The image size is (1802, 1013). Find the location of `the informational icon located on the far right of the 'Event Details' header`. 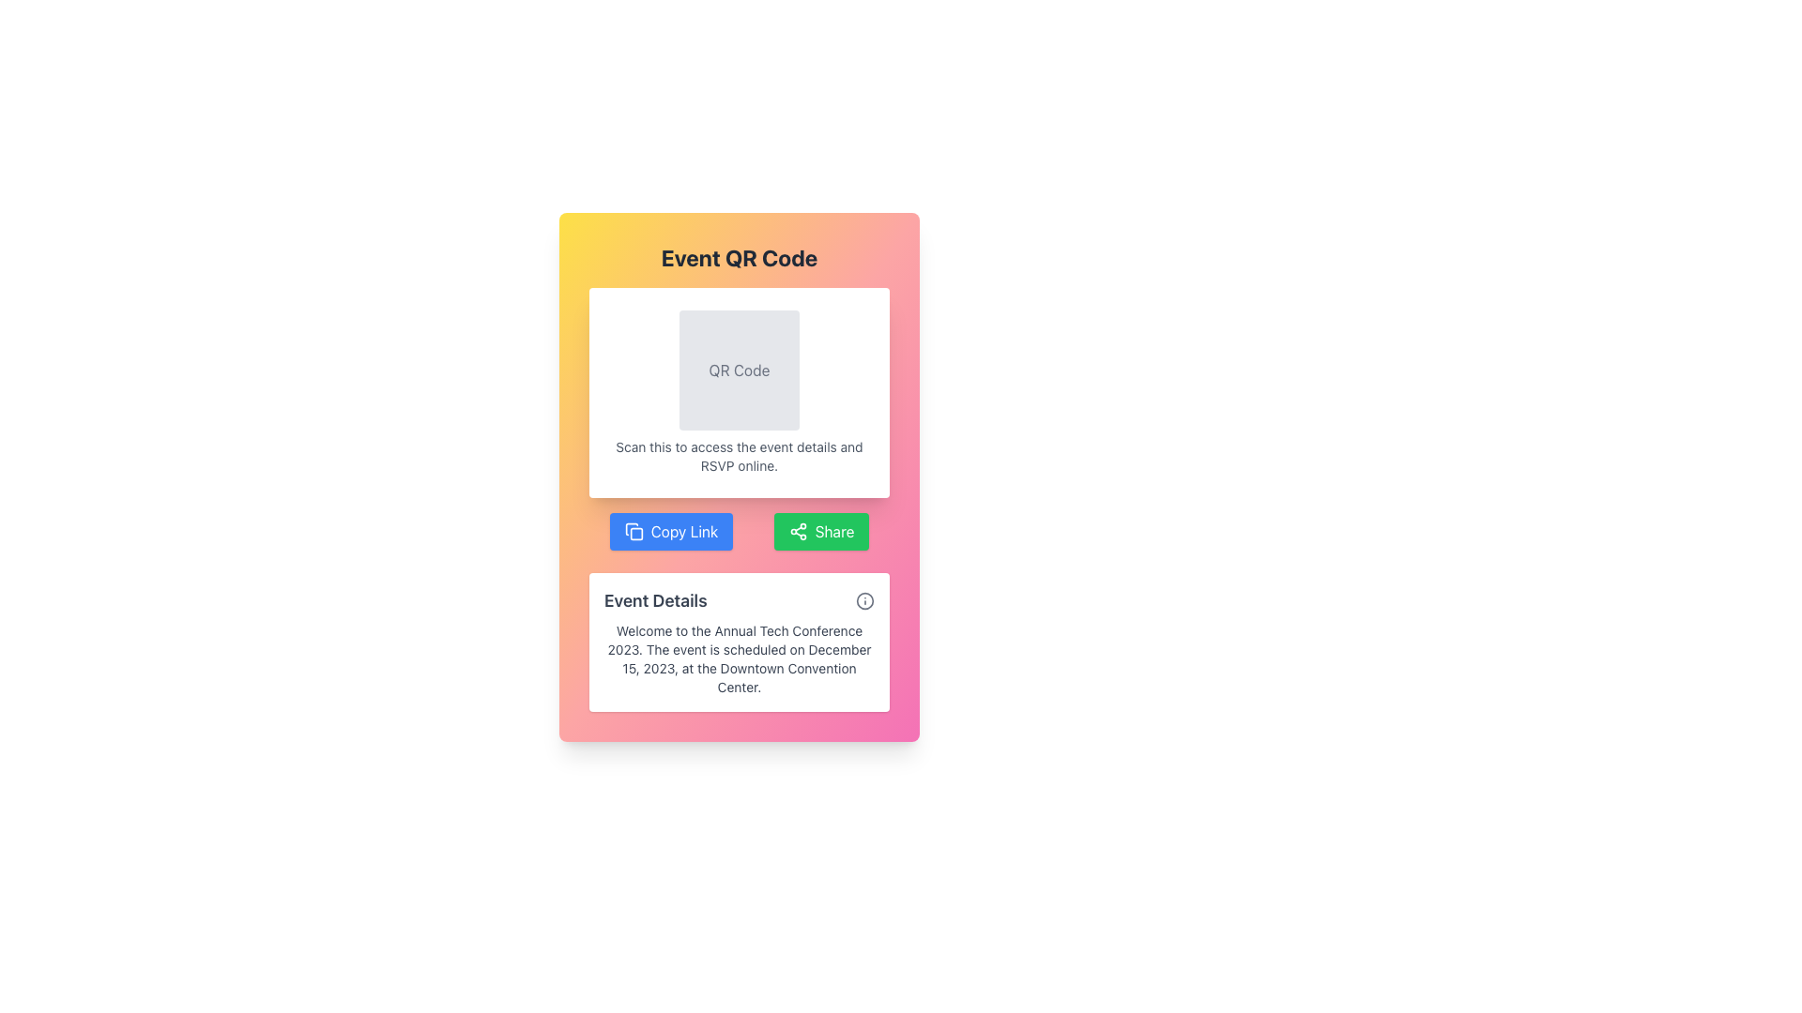

the informational icon located on the far right of the 'Event Details' header is located at coordinates (863, 600).